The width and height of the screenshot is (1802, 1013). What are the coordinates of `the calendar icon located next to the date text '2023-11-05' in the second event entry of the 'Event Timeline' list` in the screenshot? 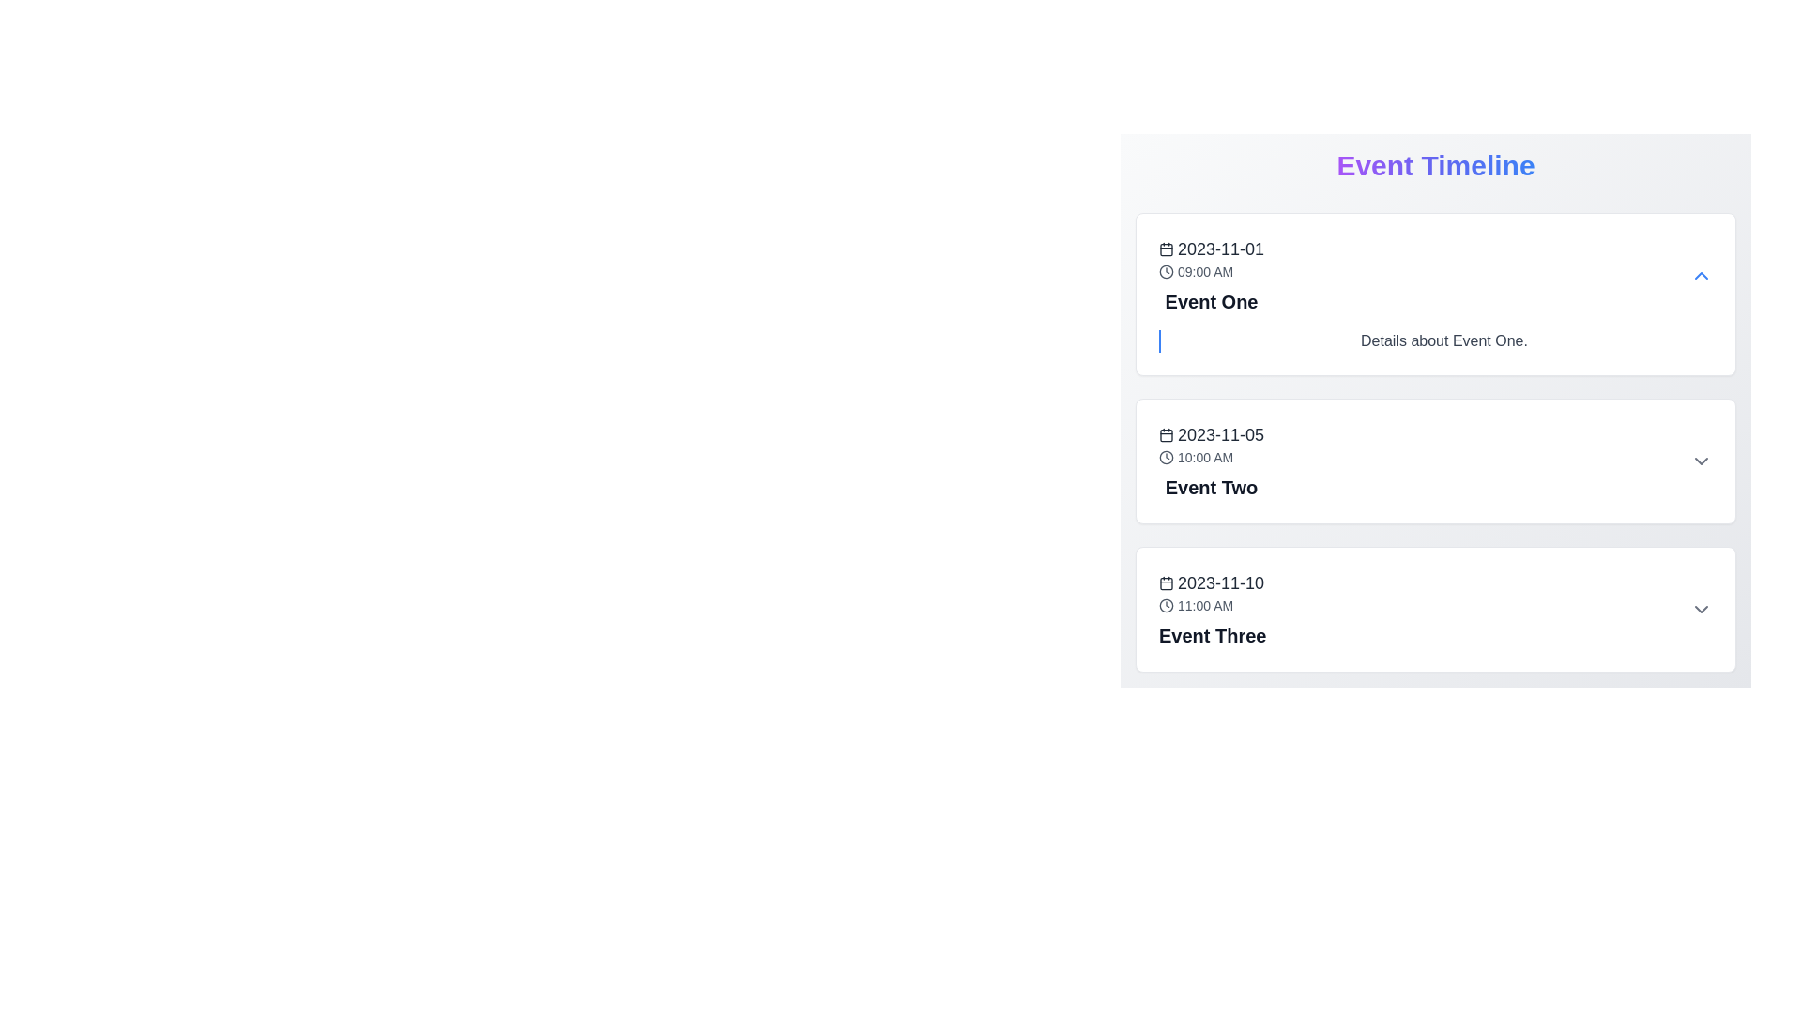 It's located at (1166, 434).